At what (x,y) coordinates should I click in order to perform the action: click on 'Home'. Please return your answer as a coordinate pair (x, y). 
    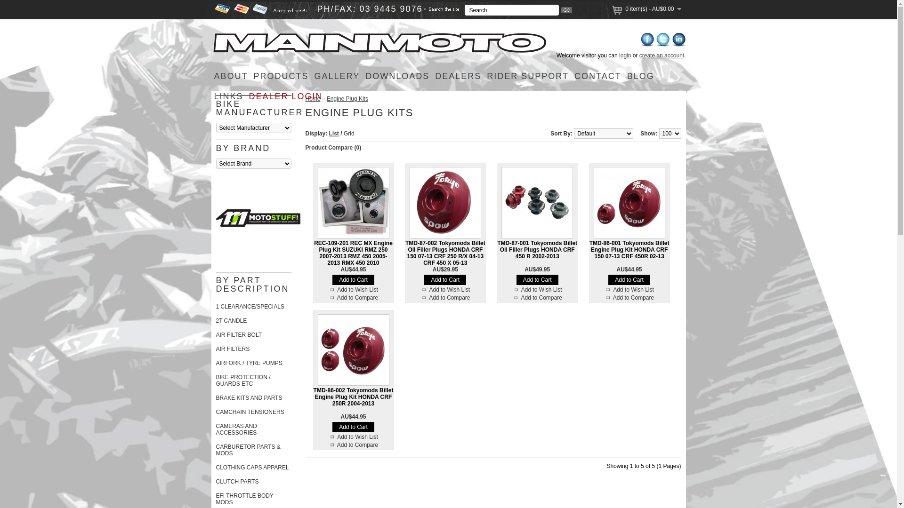
    Looking at the image, I should click on (312, 98).